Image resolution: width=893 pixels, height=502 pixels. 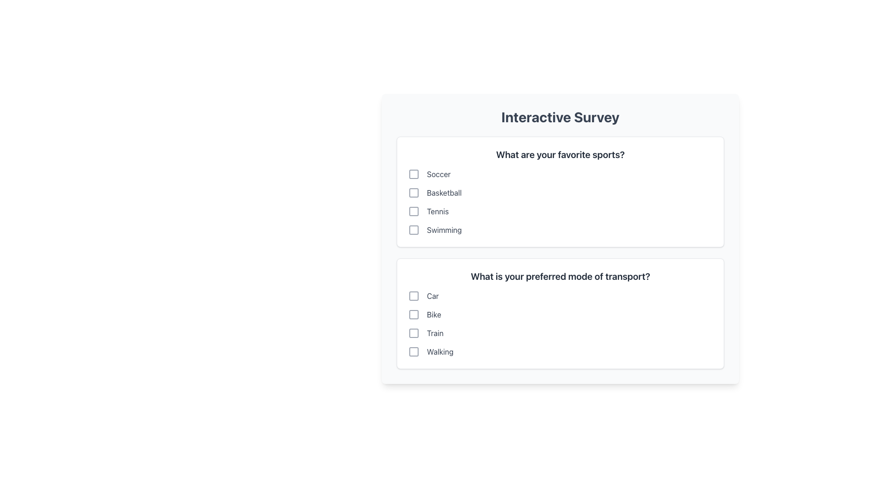 What do you see at coordinates (432, 296) in the screenshot?
I see `the 'Car' text label which is the first option in the survey question about preferred transport, located immediately to the right of the checkbox` at bounding box center [432, 296].